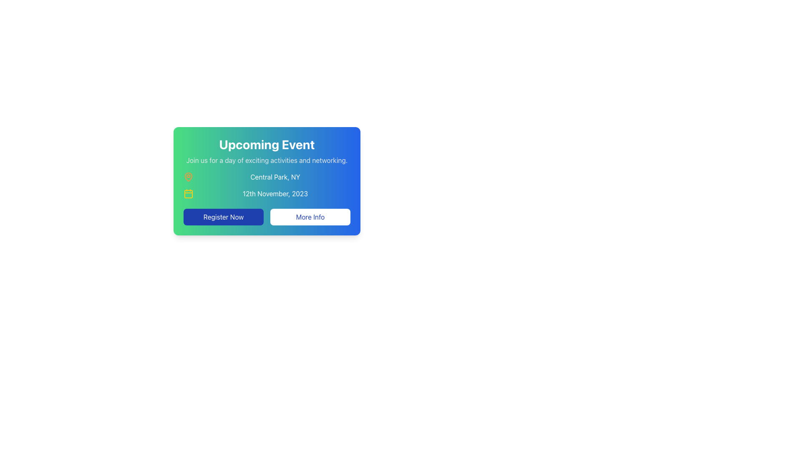 The height and width of the screenshot is (450, 801). What do you see at coordinates (188, 176) in the screenshot?
I see `the pin icon that indicates the geographic location 'Central Park, NY', which is located centrally in the viewport, above a calendar icon` at bounding box center [188, 176].